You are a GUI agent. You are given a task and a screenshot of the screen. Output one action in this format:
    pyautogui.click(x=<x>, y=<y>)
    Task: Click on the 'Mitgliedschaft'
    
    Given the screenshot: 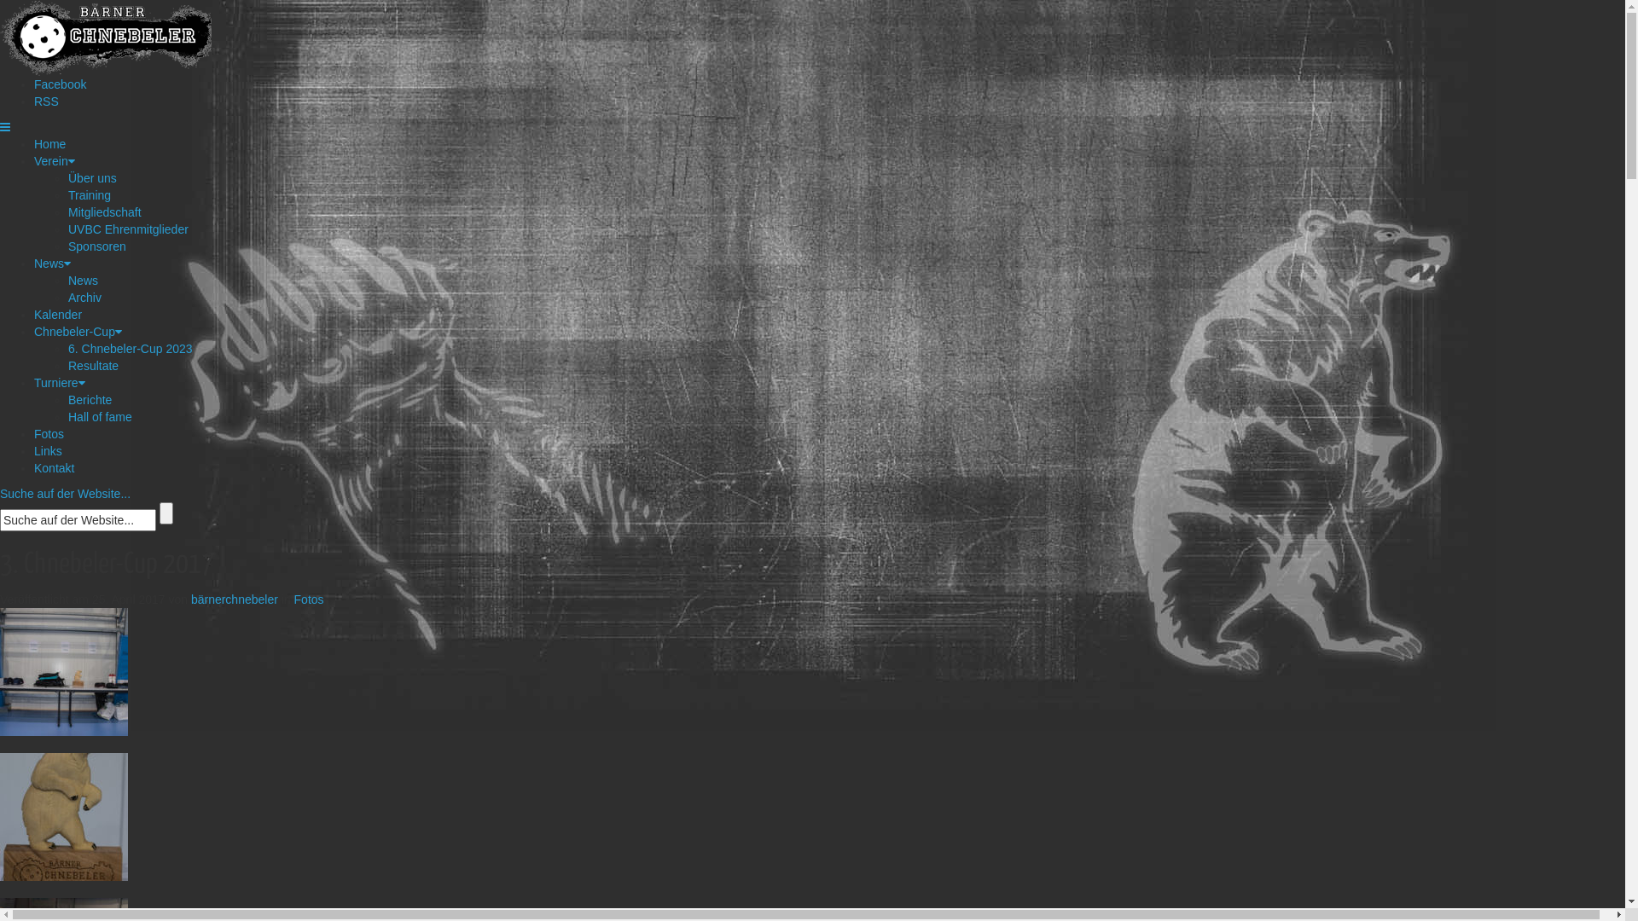 What is the action you would take?
    pyautogui.click(x=68, y=211)
    